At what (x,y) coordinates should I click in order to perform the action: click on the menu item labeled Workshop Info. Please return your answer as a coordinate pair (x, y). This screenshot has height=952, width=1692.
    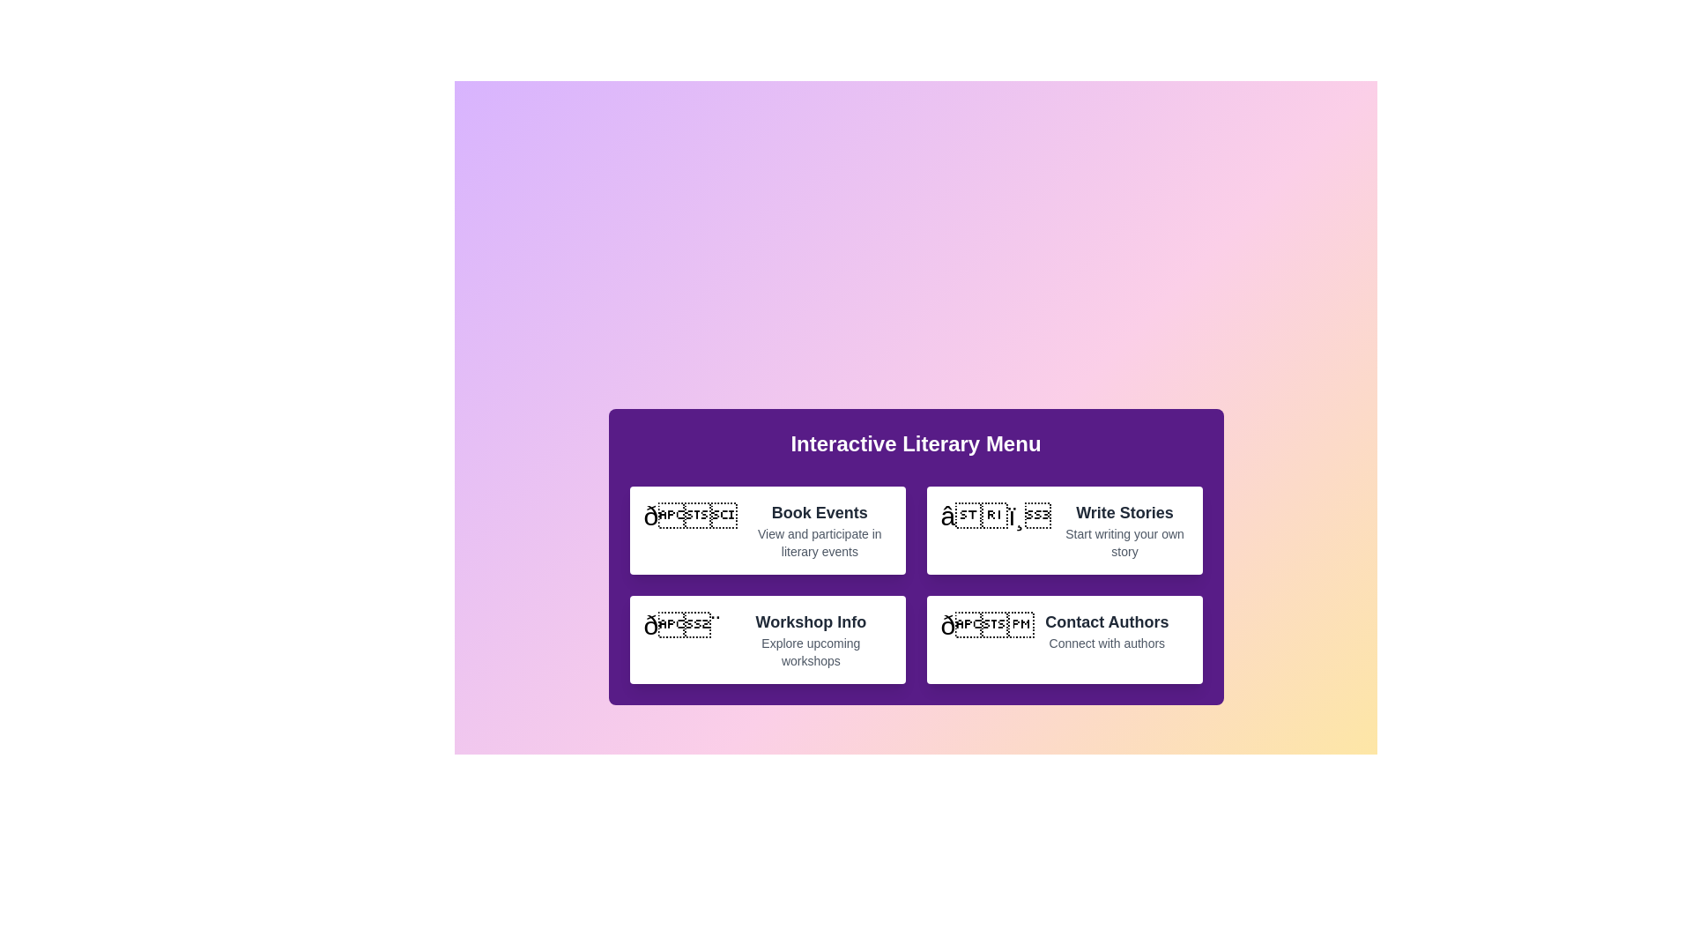
    Looking at the image, I should click on (767, 639).